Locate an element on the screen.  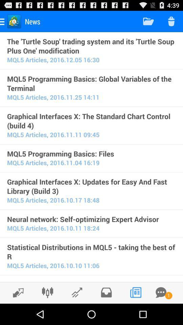
the icon below the mql5 articles 2016 icon is located at coordinates (91, 281).